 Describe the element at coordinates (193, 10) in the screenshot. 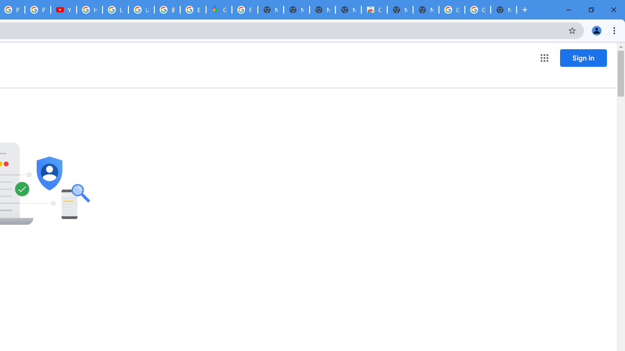

I see `'Explore new street-level details - Google Maps Help'` at that location.